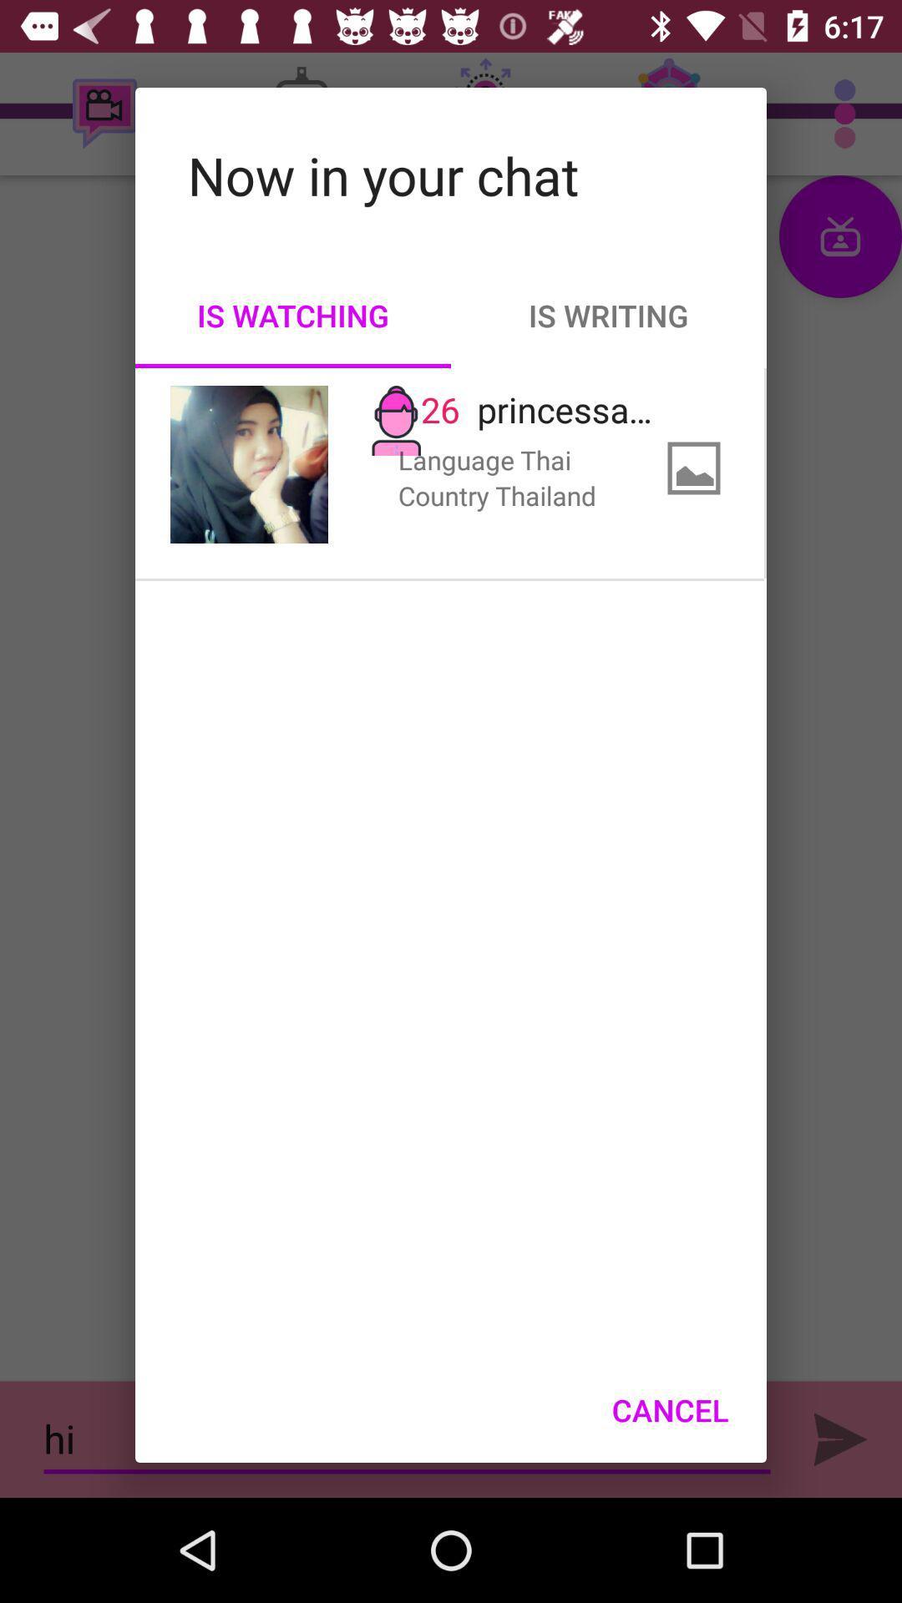 This screenshot has width=902, height=1603. I want to click on item to the left of 26 item, so click(249, 464).